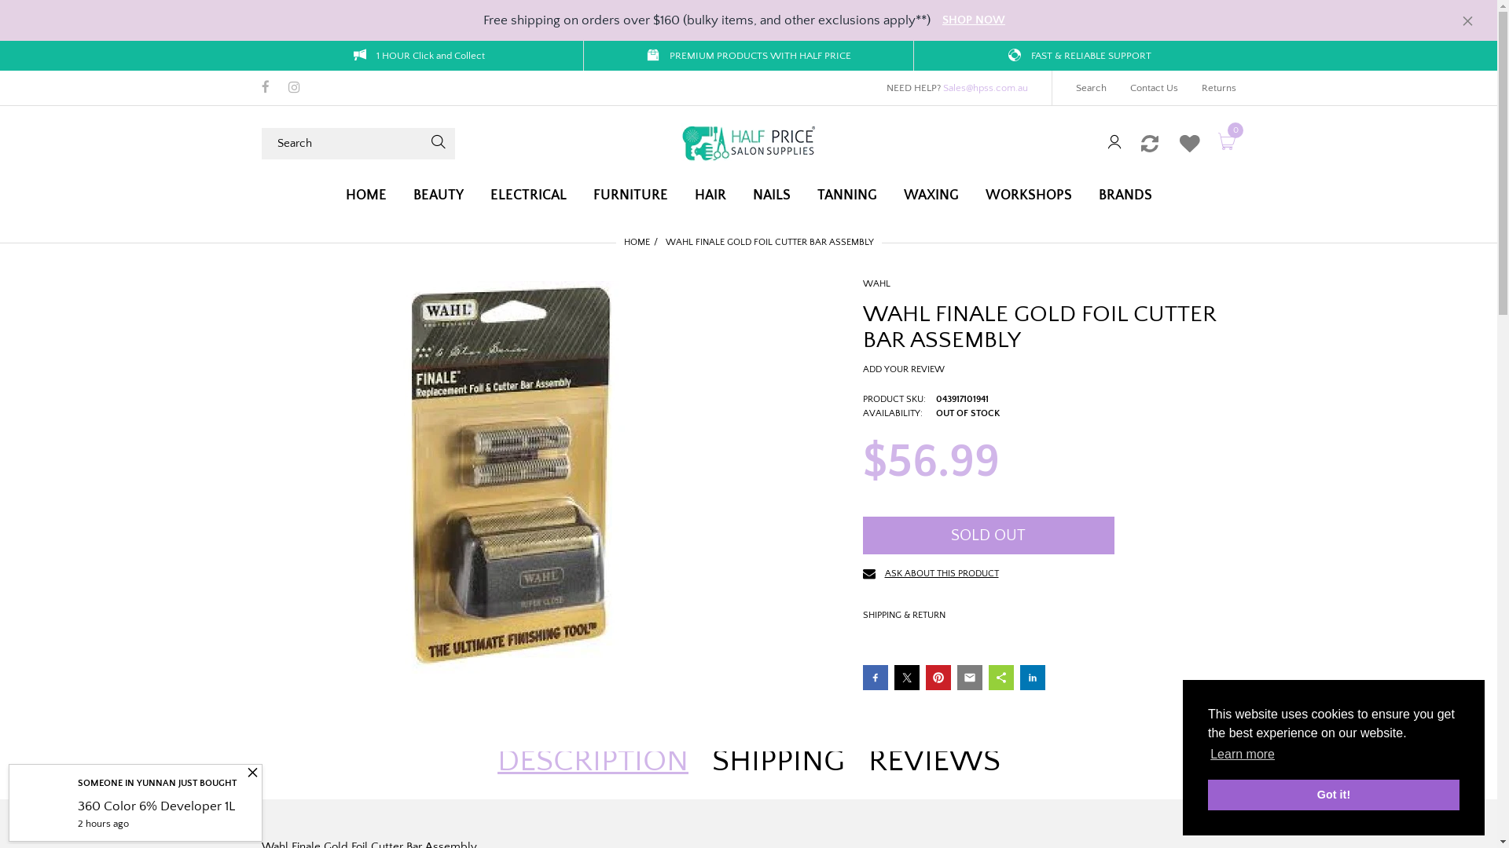 This screenshot has width=1509, height=848. Describe the element at coordinates (1124, 195) in the screenshot. I see `'BRANDS'` at that location.